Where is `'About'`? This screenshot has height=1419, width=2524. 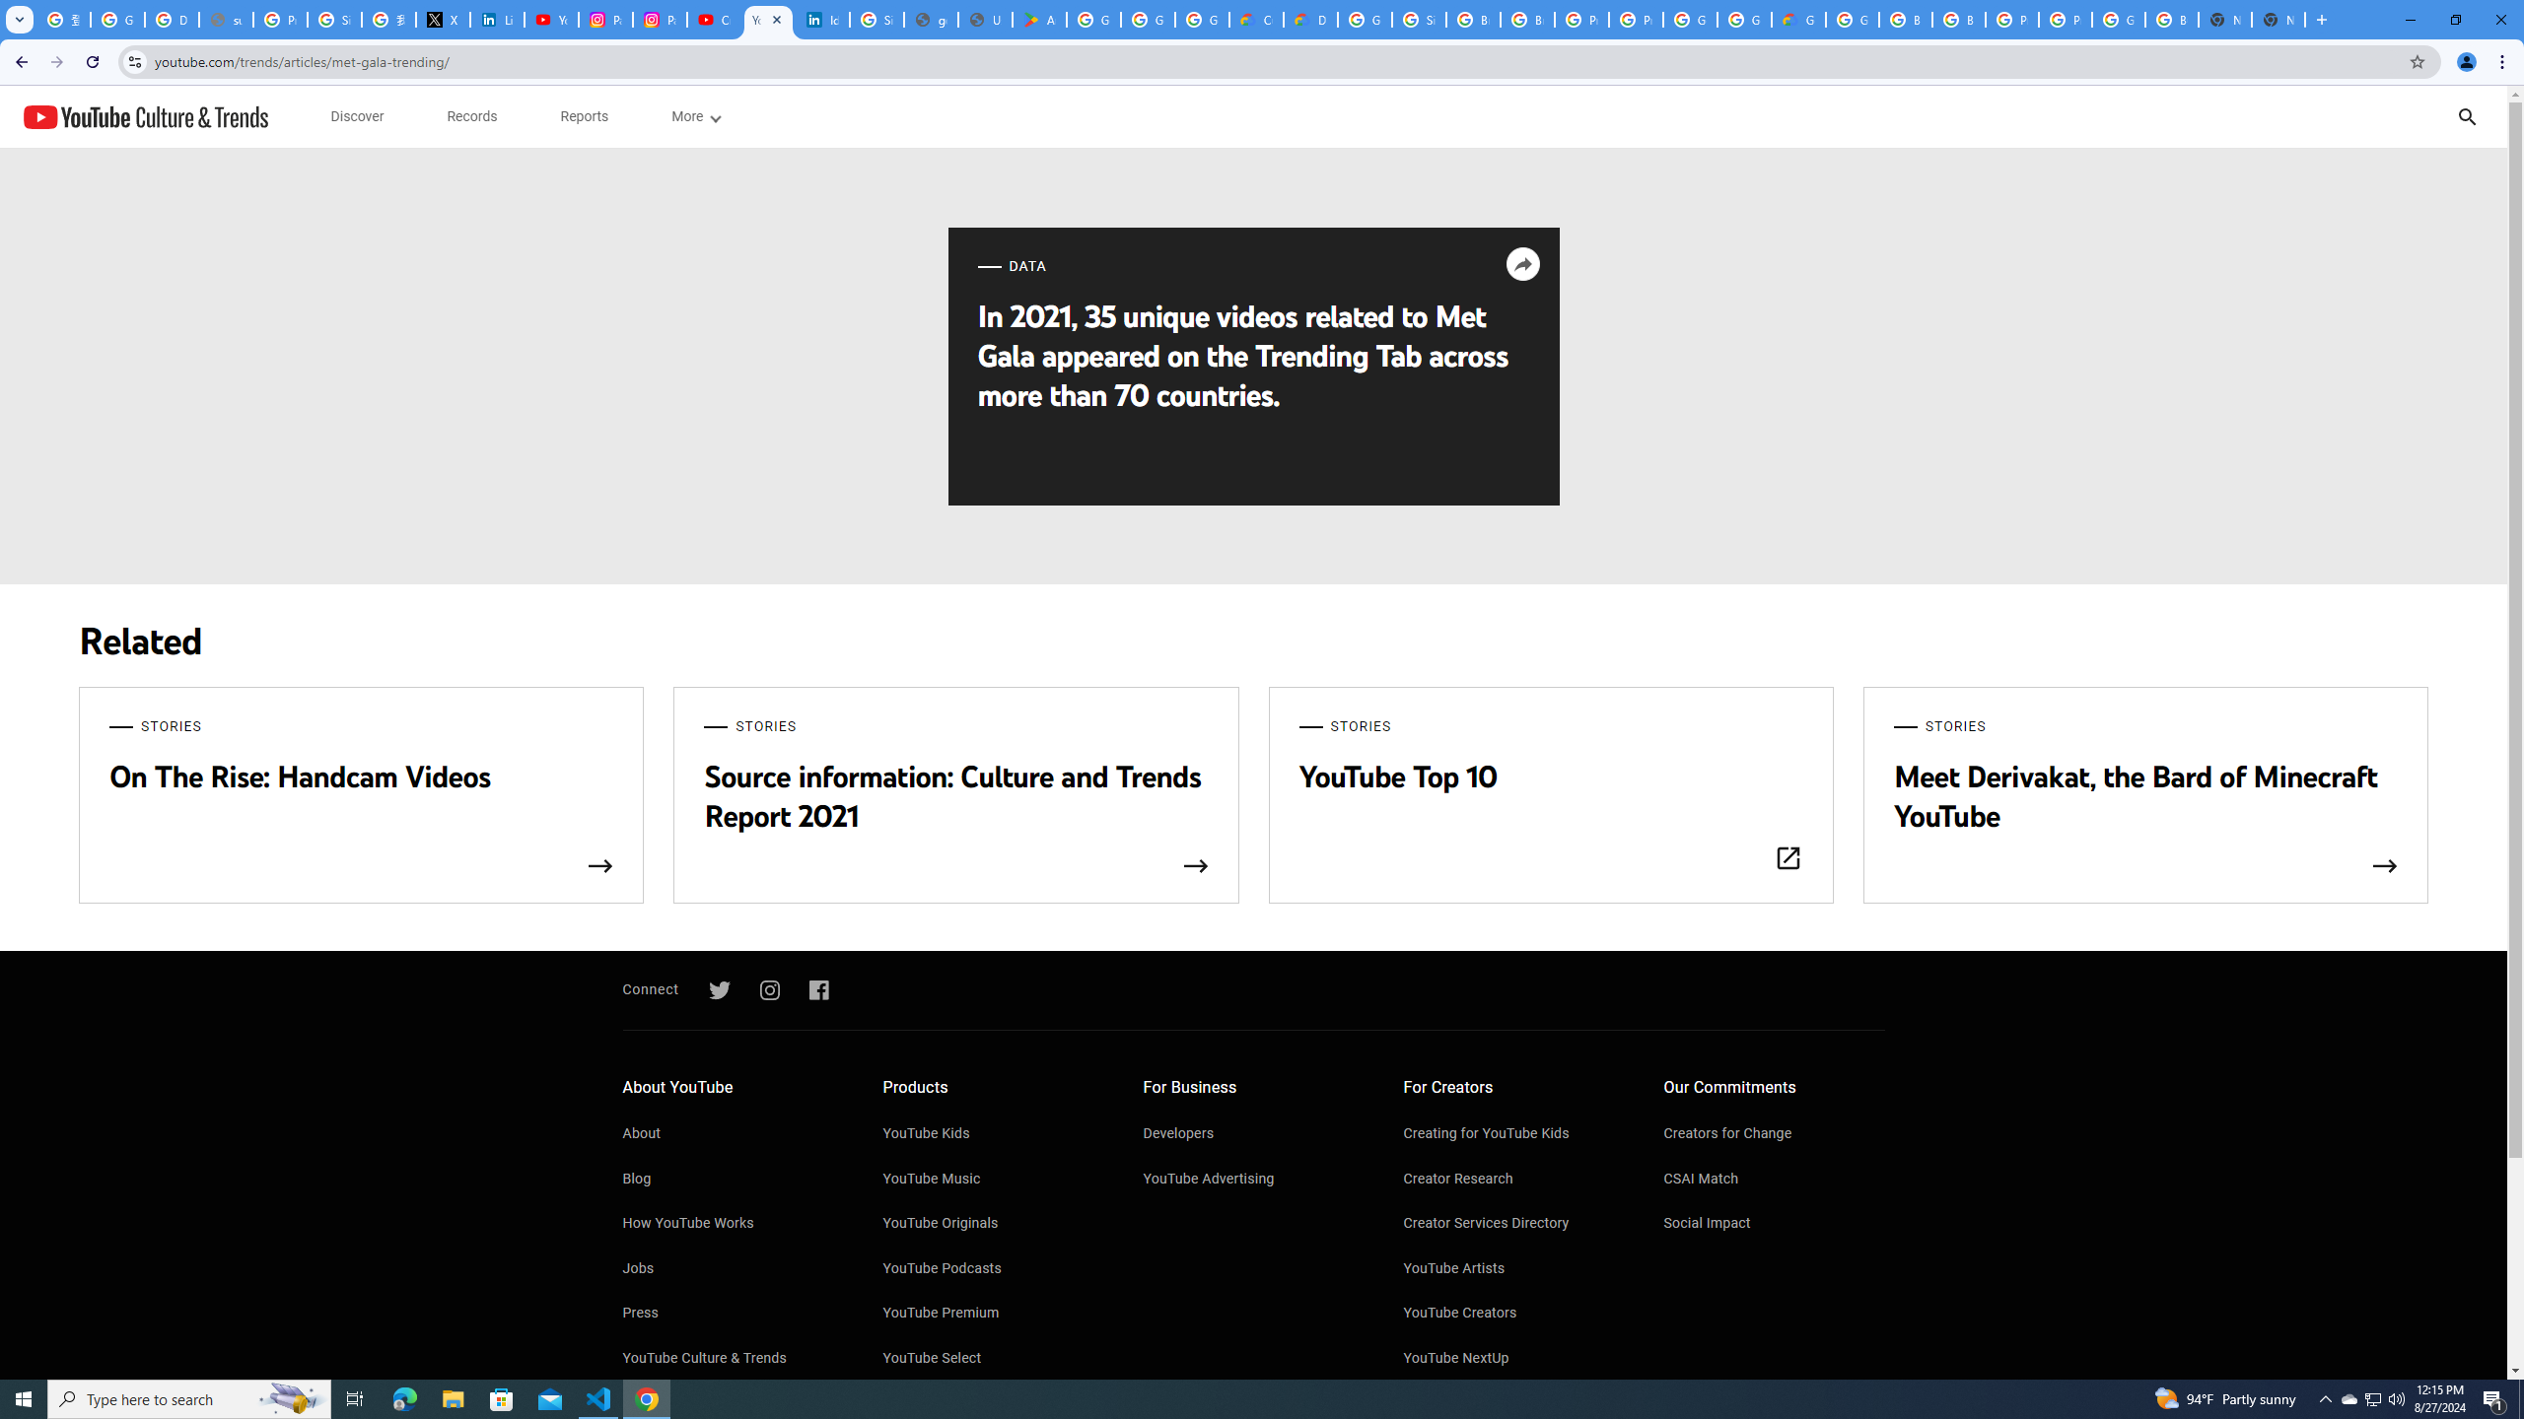 'About' is located at coordinates (731, 1135).